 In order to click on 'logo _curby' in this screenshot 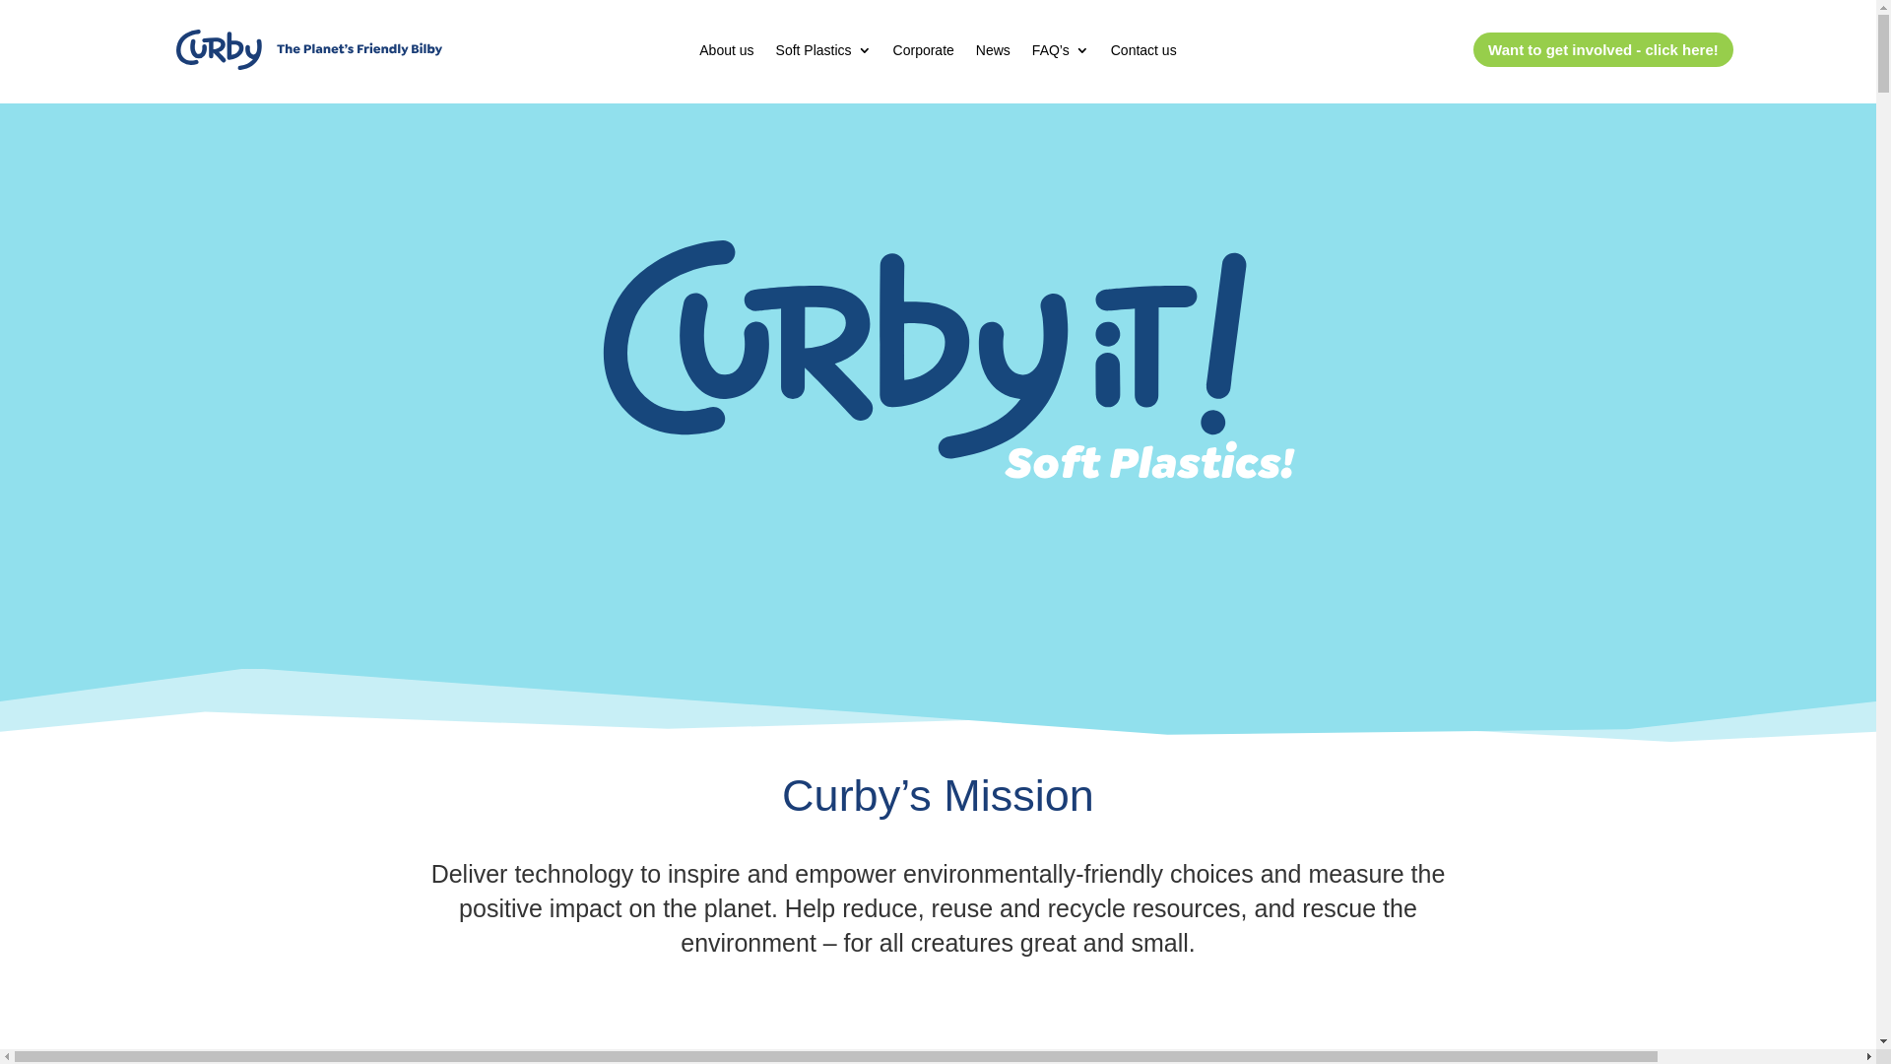, I will do `click(175, 48)`.